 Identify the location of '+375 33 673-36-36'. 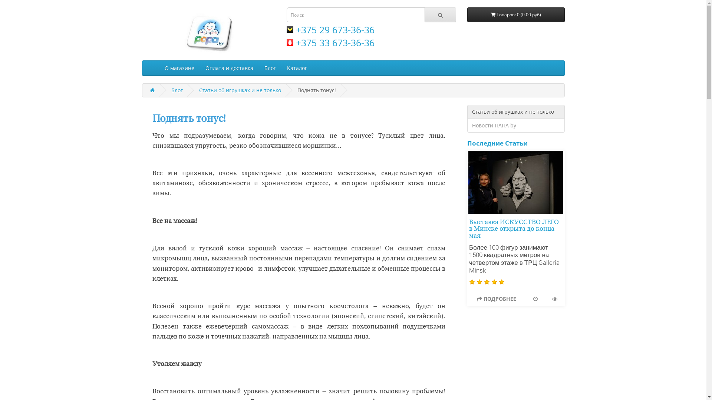
(286, 43).